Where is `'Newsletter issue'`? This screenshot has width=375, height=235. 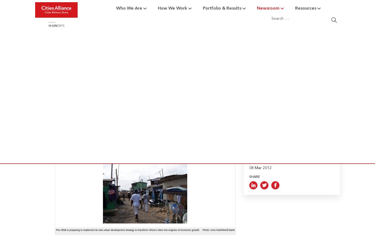 'Newsletter issue' is located at coordinates (158, 80).